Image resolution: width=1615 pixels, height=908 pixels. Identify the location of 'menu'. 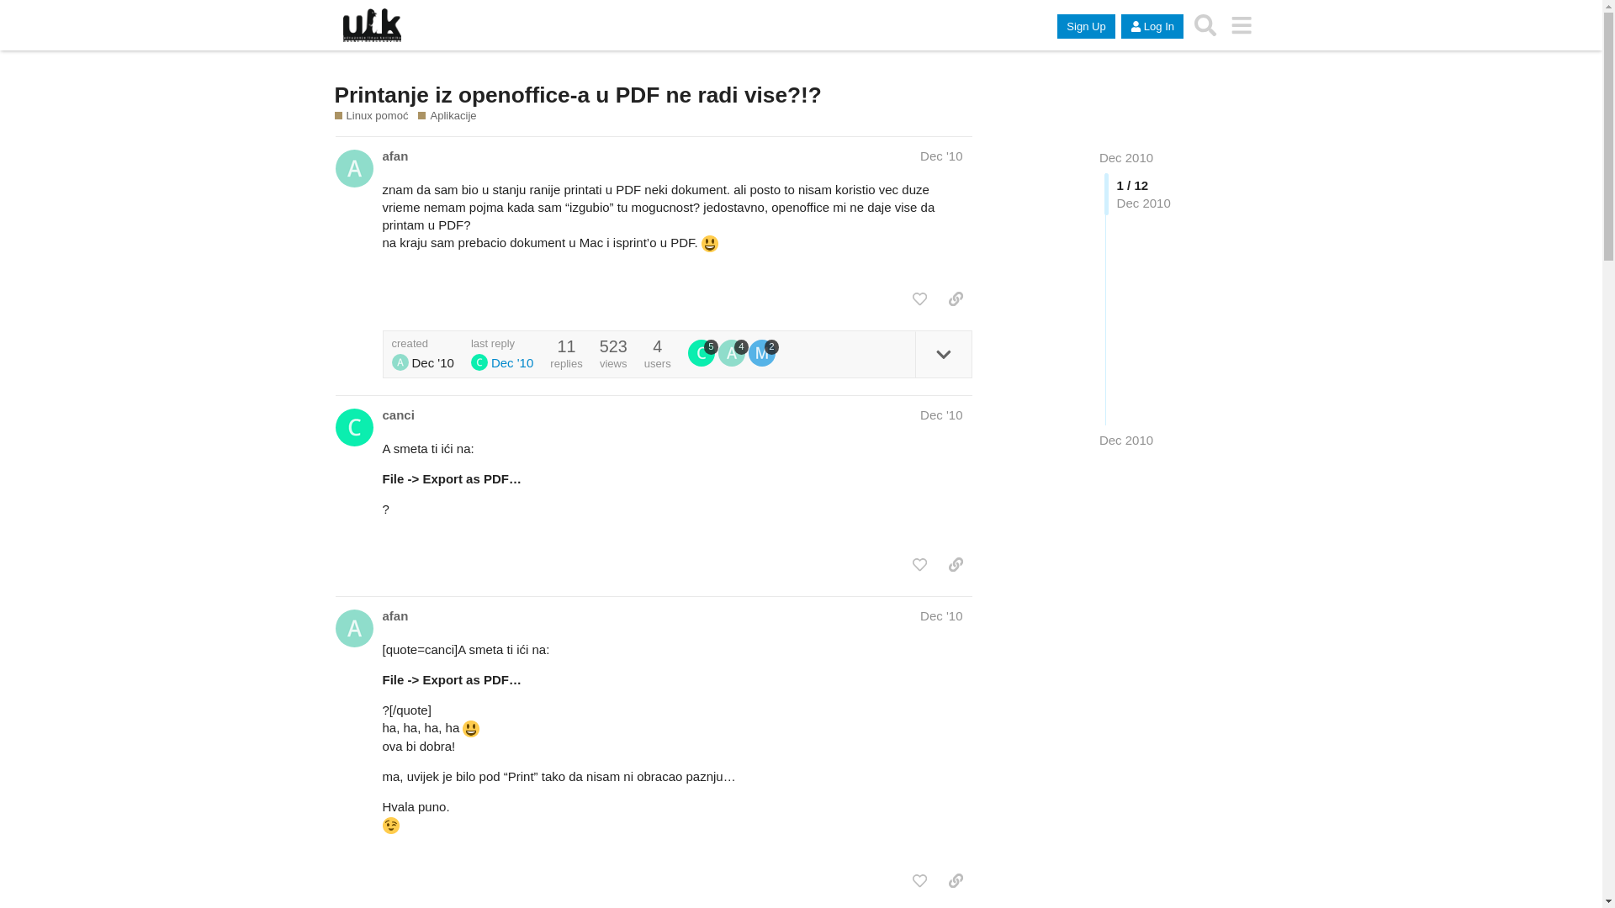
(1223, 25).